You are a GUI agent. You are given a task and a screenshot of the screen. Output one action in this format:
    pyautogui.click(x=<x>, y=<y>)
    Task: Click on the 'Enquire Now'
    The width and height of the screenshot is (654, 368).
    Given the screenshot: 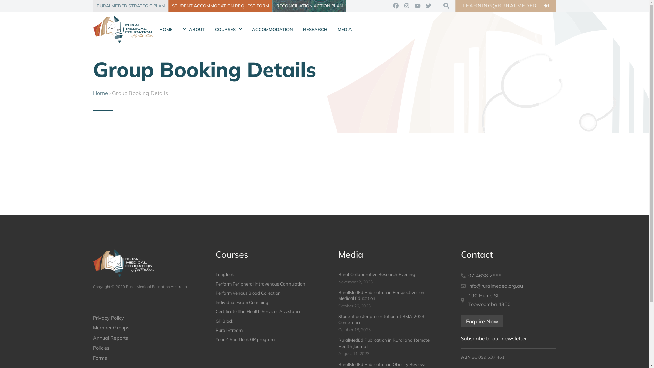 What is the action you would take?
    pyautogui.click(x=481, y=321)
    